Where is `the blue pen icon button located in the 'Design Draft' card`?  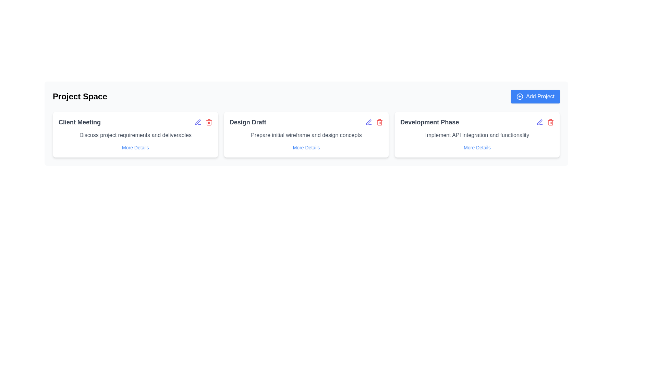
the blue pen icon button located in the 'Design Draft' card is located at coordinates (368, 122).